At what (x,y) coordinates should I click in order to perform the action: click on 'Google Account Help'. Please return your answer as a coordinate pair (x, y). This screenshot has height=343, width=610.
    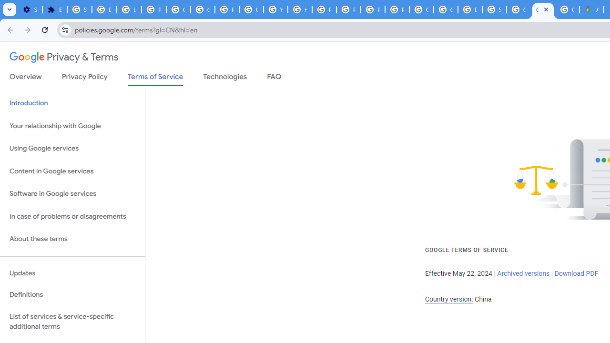
    Looking at the image, I should click on (179, 10).